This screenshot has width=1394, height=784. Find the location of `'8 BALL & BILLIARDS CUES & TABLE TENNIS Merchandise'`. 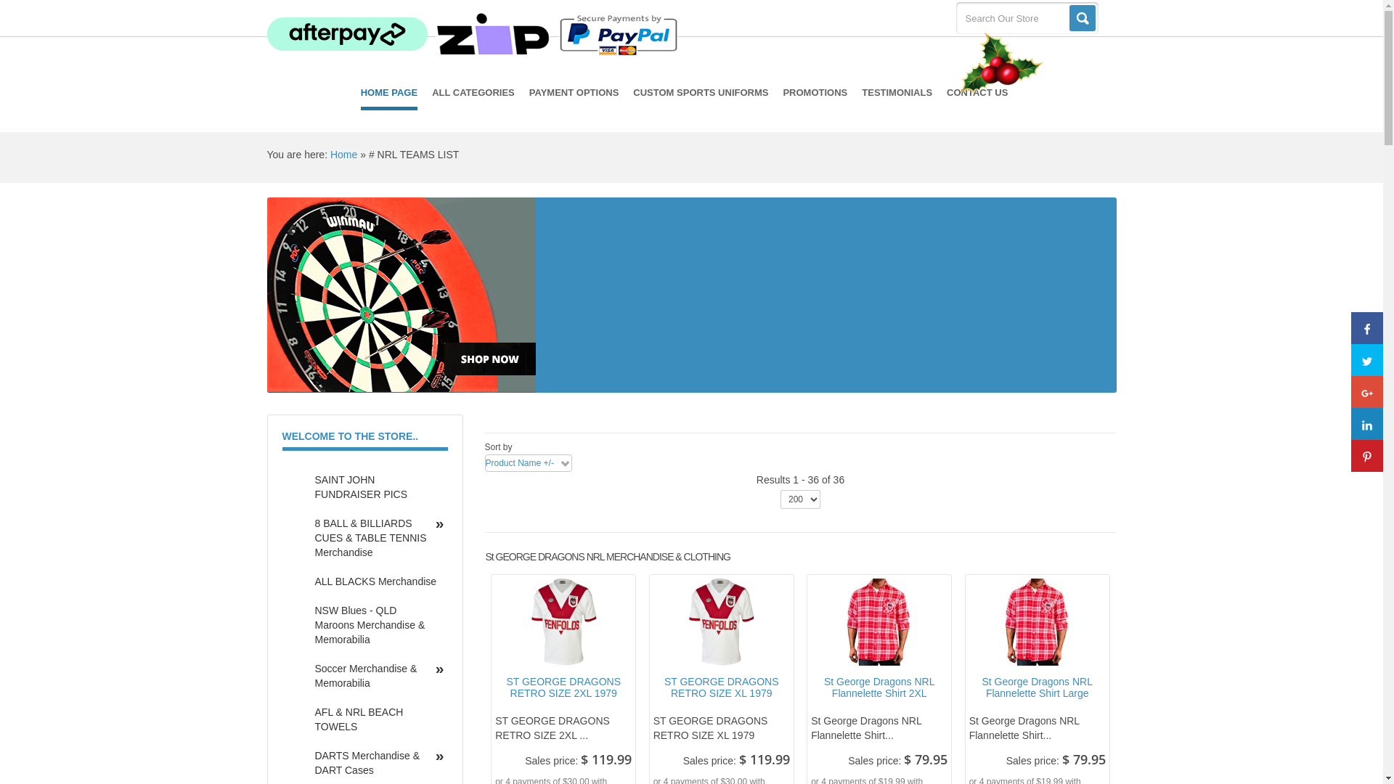

'8 BALL & BILLIARDS CUES & TABLE TENNIS Merchandise' is located at coordinates (302, 537).